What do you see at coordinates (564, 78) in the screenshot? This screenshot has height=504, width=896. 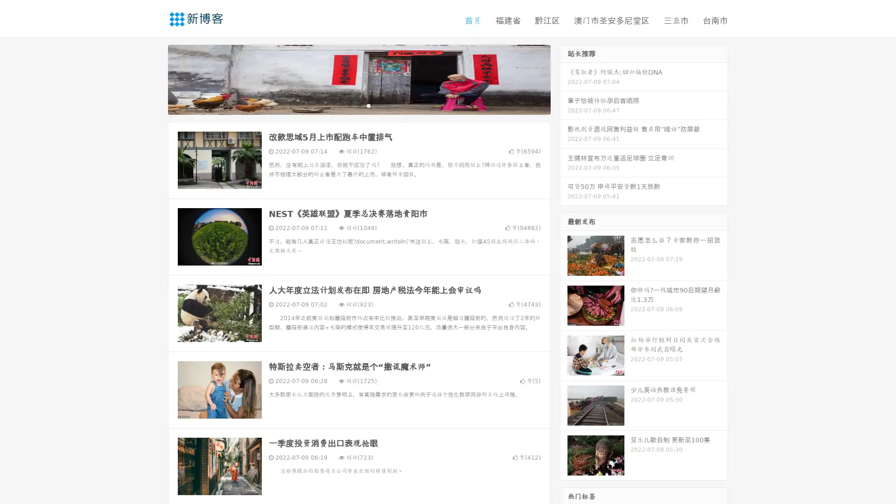 I see `Next slide` at bounding box center [564, 78].